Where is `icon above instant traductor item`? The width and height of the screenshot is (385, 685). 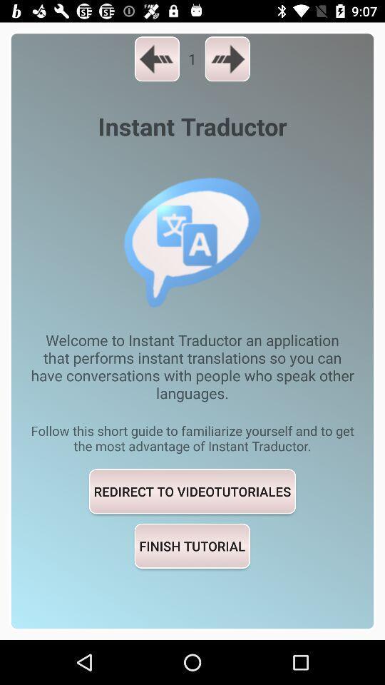 icon above instant traductor item is located at coordinates (227, 59).